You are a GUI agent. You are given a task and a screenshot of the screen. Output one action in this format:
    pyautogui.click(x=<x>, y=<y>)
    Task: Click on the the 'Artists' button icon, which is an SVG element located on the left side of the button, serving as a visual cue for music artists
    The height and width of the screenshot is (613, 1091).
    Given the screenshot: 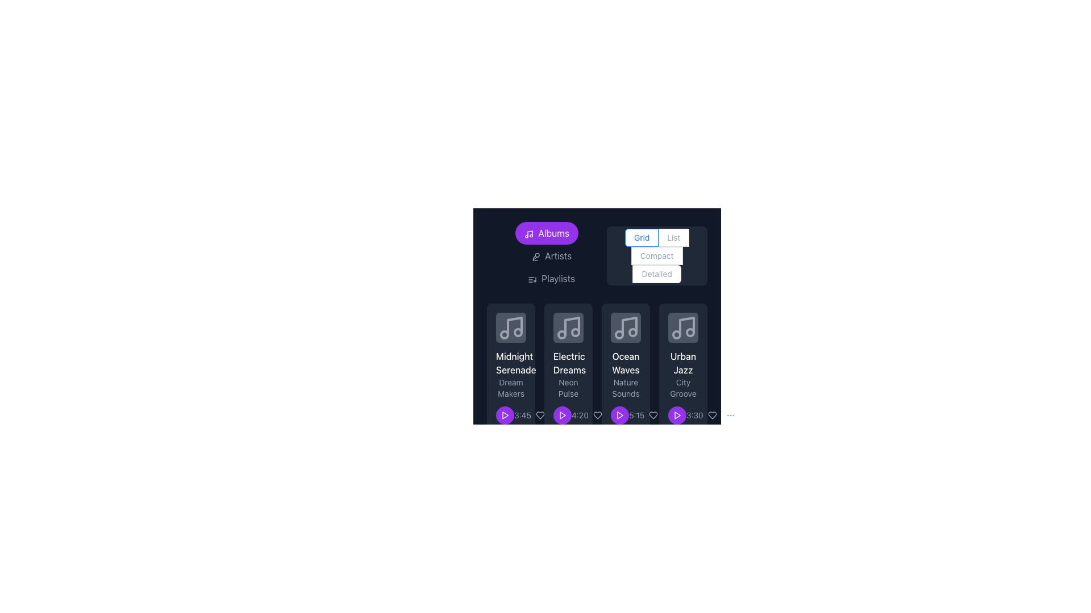 What is the action you would take?
    pyautogui.click(x=535, y=257)
    